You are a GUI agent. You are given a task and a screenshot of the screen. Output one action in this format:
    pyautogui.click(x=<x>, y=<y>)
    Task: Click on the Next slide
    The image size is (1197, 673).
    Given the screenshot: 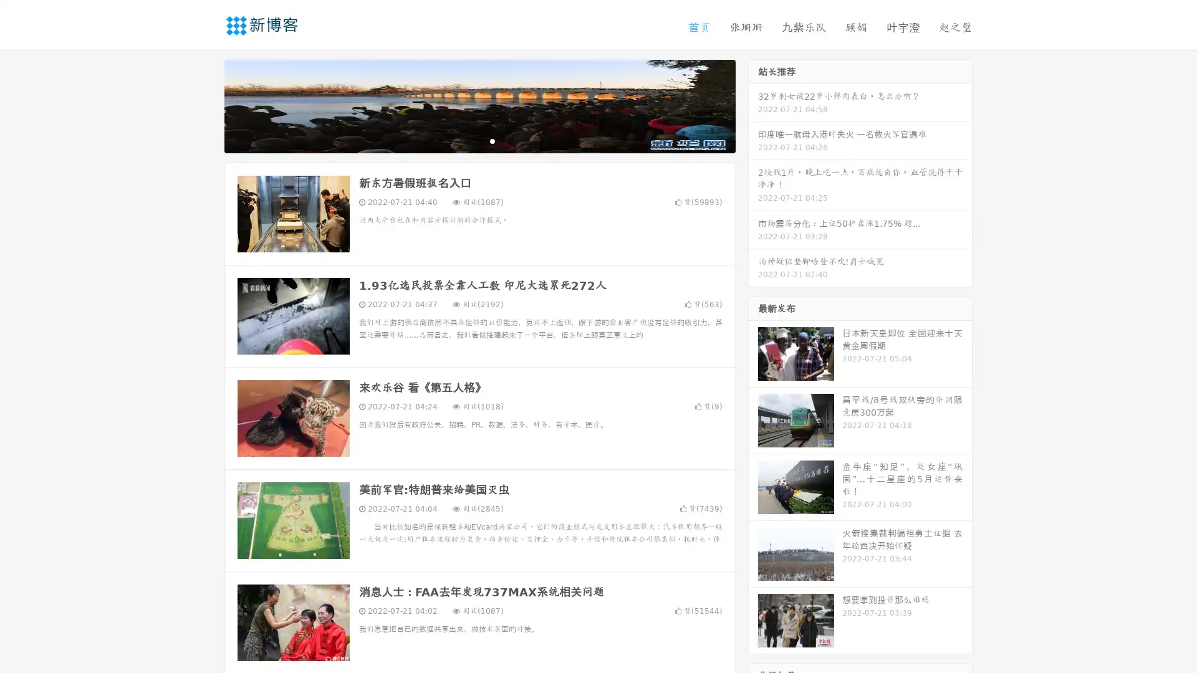 What is the action you would take?
    pyautogui.click(x=753, y=105)
    